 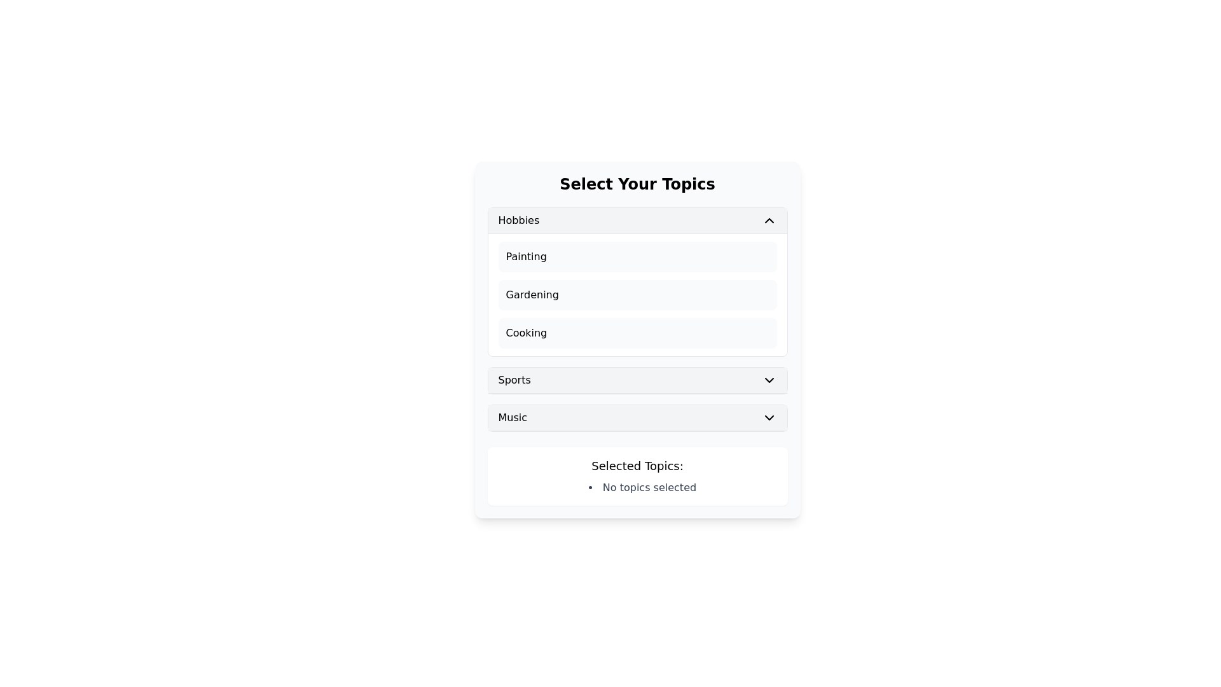 What do you see at coordinates (768, 379) in the screenshot?
I see `the downward-pointing chevron icon located to the far right of the 'Sports' row` at bounding box center [768, 379].